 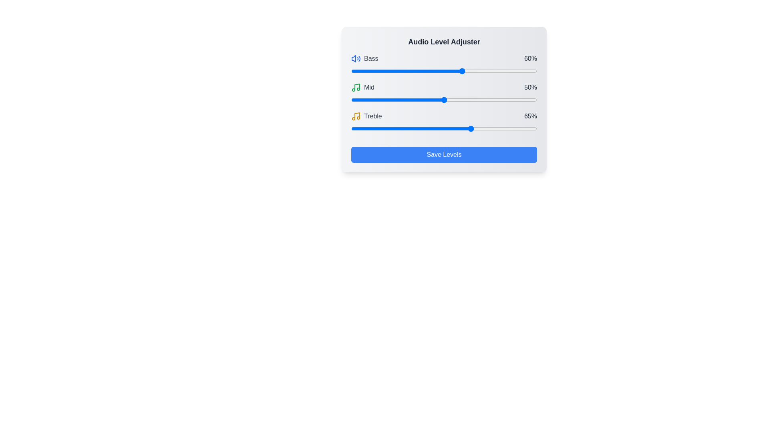 What do you see at coordinates (366, 116) in the screenshot?
I see `the 'treble' audio level controls label, which is located between the yellow musical note icon and the text '65%' in the audio adjustment interface` at bounding box center [366, 116].